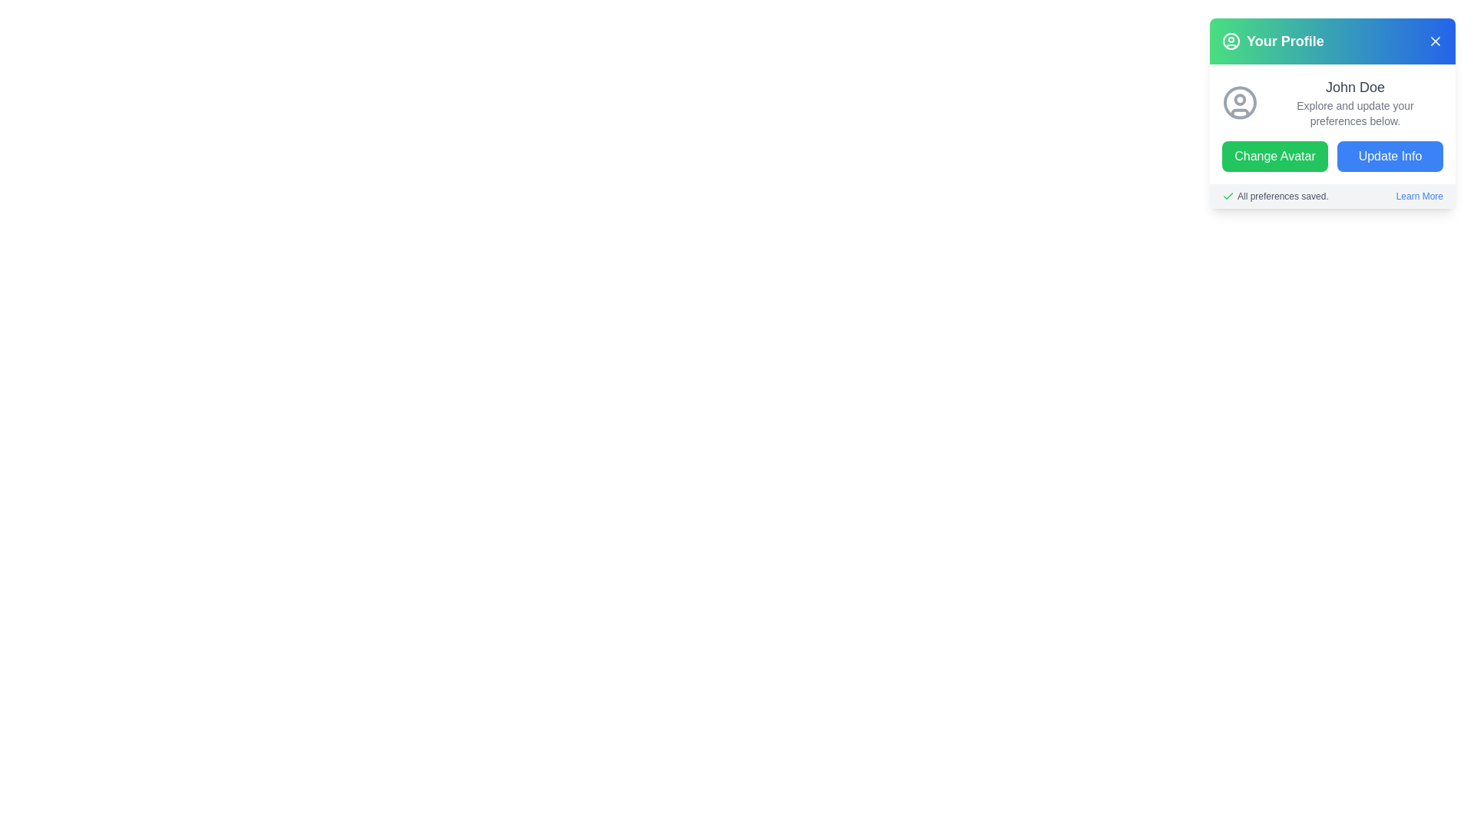 The height and width of the screenshot is (829, 1474). Describe the element at coordinates (1332, 124) in the screenshot. I see `text information displayed in the Profile summary card located in the top-right corner of the profile section` at that location.